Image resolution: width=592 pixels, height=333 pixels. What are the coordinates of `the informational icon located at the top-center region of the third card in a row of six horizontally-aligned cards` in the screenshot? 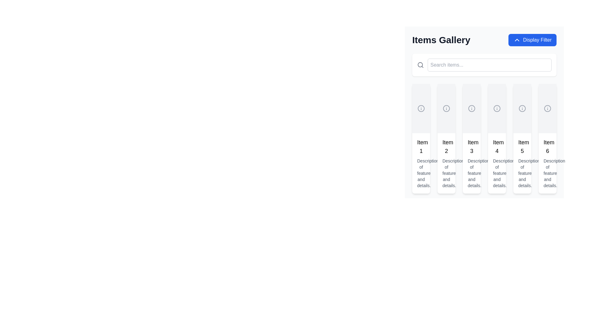 It's located at (471, 108).